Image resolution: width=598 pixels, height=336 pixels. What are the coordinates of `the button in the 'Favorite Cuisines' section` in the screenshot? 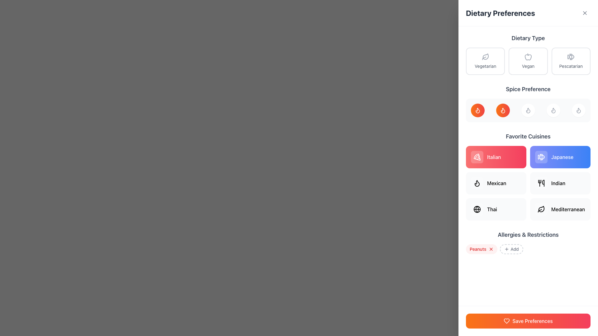 It's located at (560, 183).